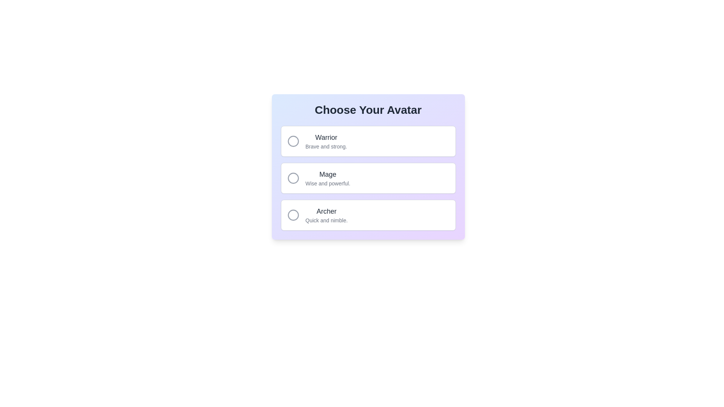 The image size is (724, 407). I want to click on the circle that indicates the selection status of the 'Mage' option in the radio button selection list, so click(293, 178).